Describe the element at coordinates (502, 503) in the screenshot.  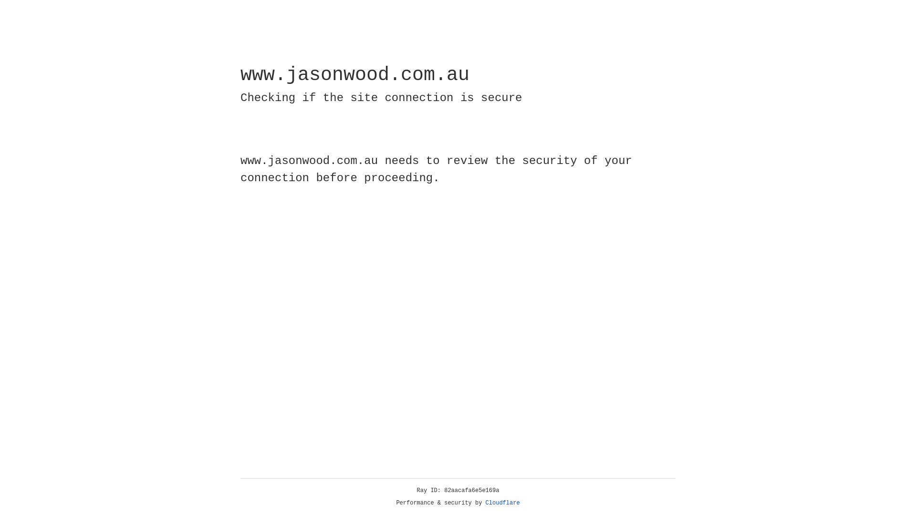
I see `'Cloudflare'` at that location.